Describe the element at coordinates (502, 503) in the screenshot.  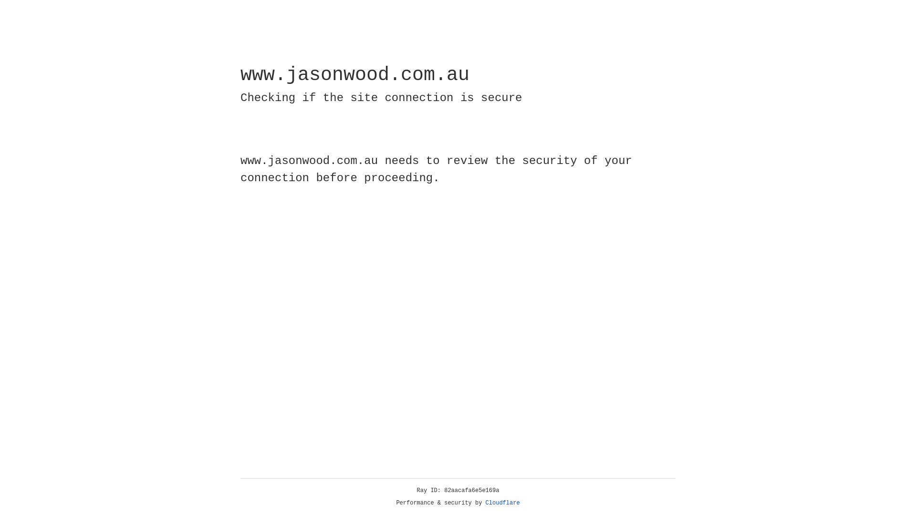
I see `'Cloudflare'` at that location.